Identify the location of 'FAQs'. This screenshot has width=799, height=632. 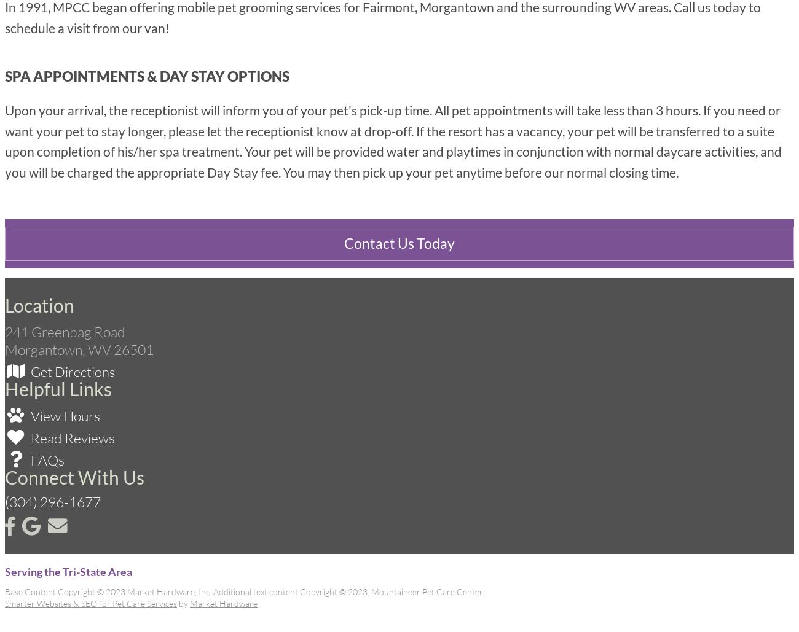
(28, 460).